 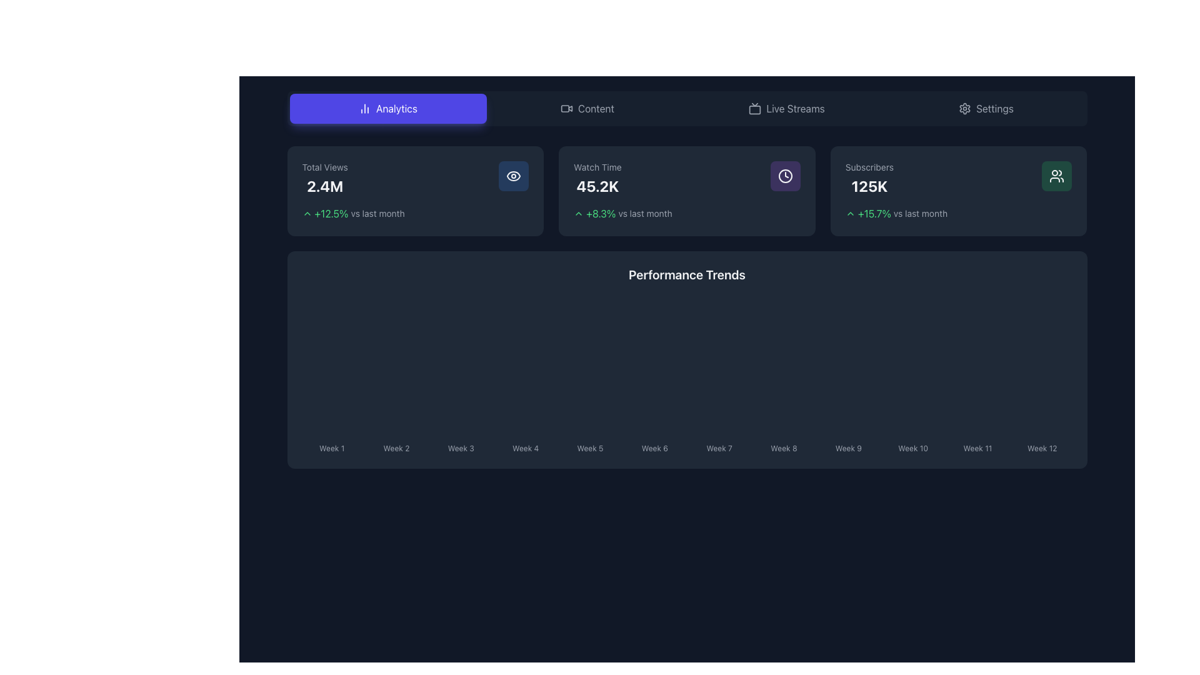 I want to click on the text label indicating performance trends, located in the upper middle section of the large card or panel, so click(x=686, y=274).